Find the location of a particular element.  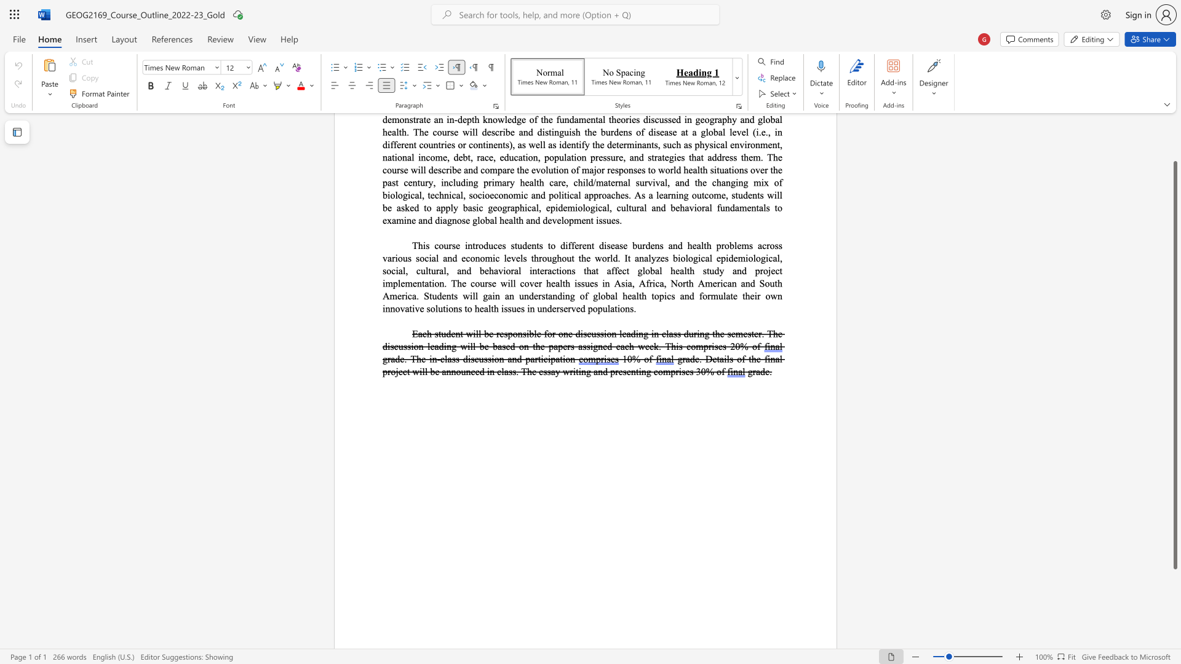

the scrollbar to move the view up is located at coordinates (1174, 135).